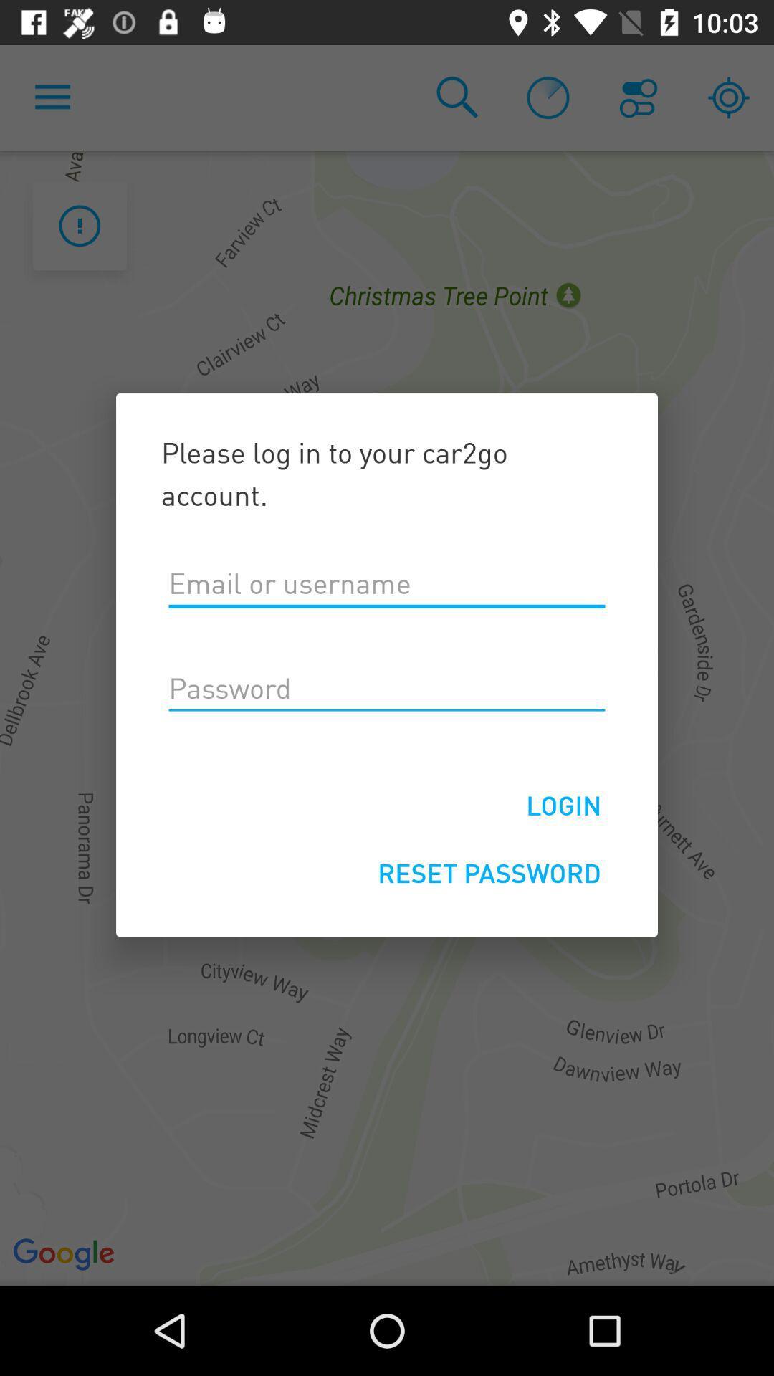 This screenshot has width=774, height=1376. What do you see at coordinates (387, 689) in the screenshot?
I see `the password to login` at bounding box center [387, 689].